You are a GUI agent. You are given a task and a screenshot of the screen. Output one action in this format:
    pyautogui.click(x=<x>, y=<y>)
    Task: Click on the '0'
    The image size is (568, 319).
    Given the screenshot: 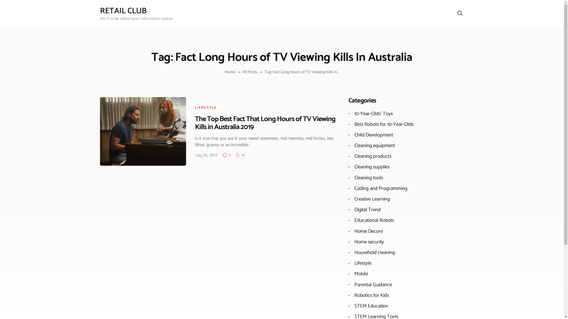 What is the action you would take?
    pyautogui.click(x=222, y=154)
    